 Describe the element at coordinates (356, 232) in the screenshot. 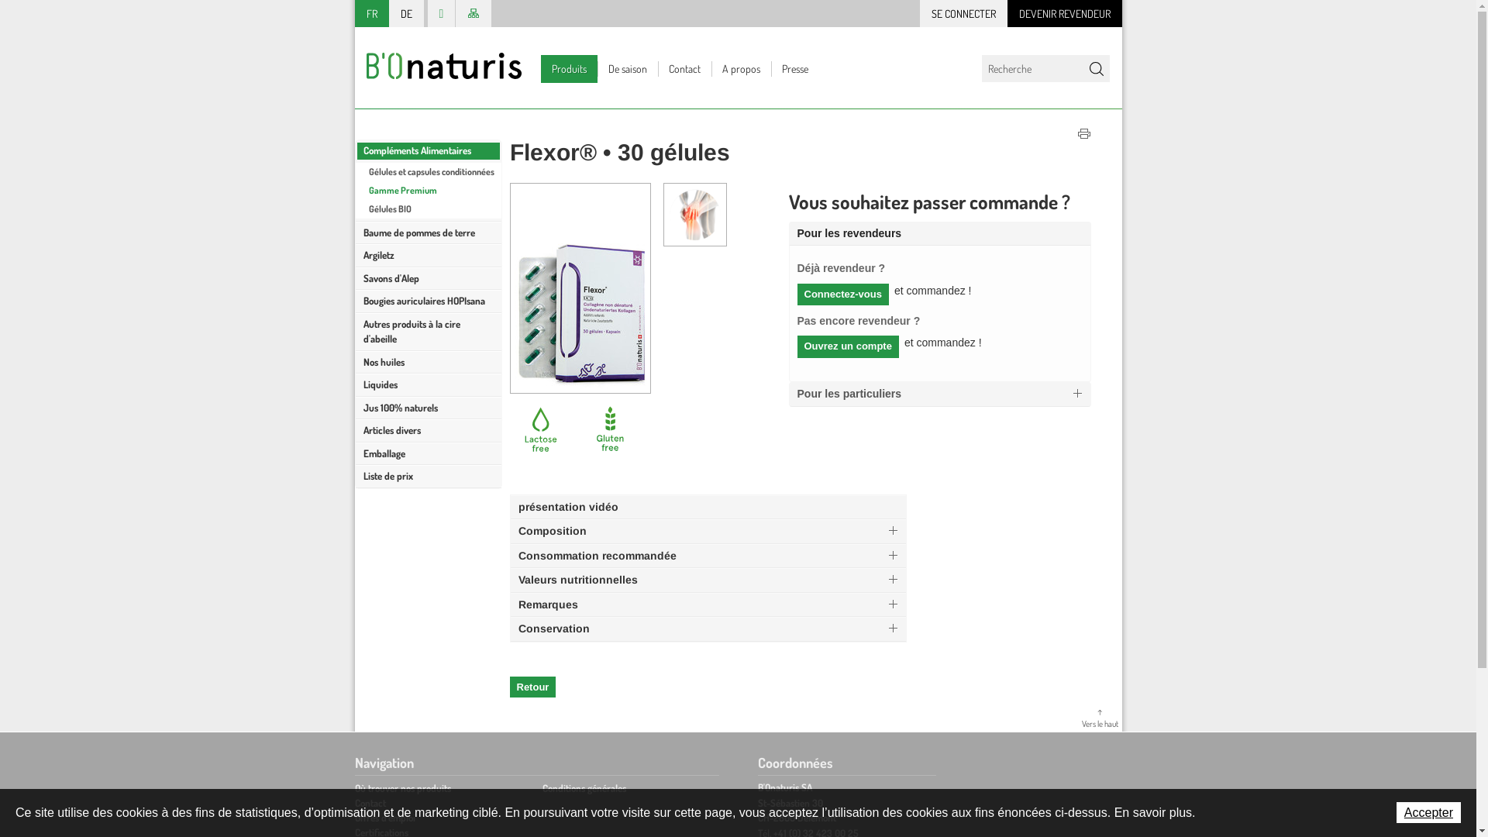

I see `'Baume de pommes de terre'` at that location.